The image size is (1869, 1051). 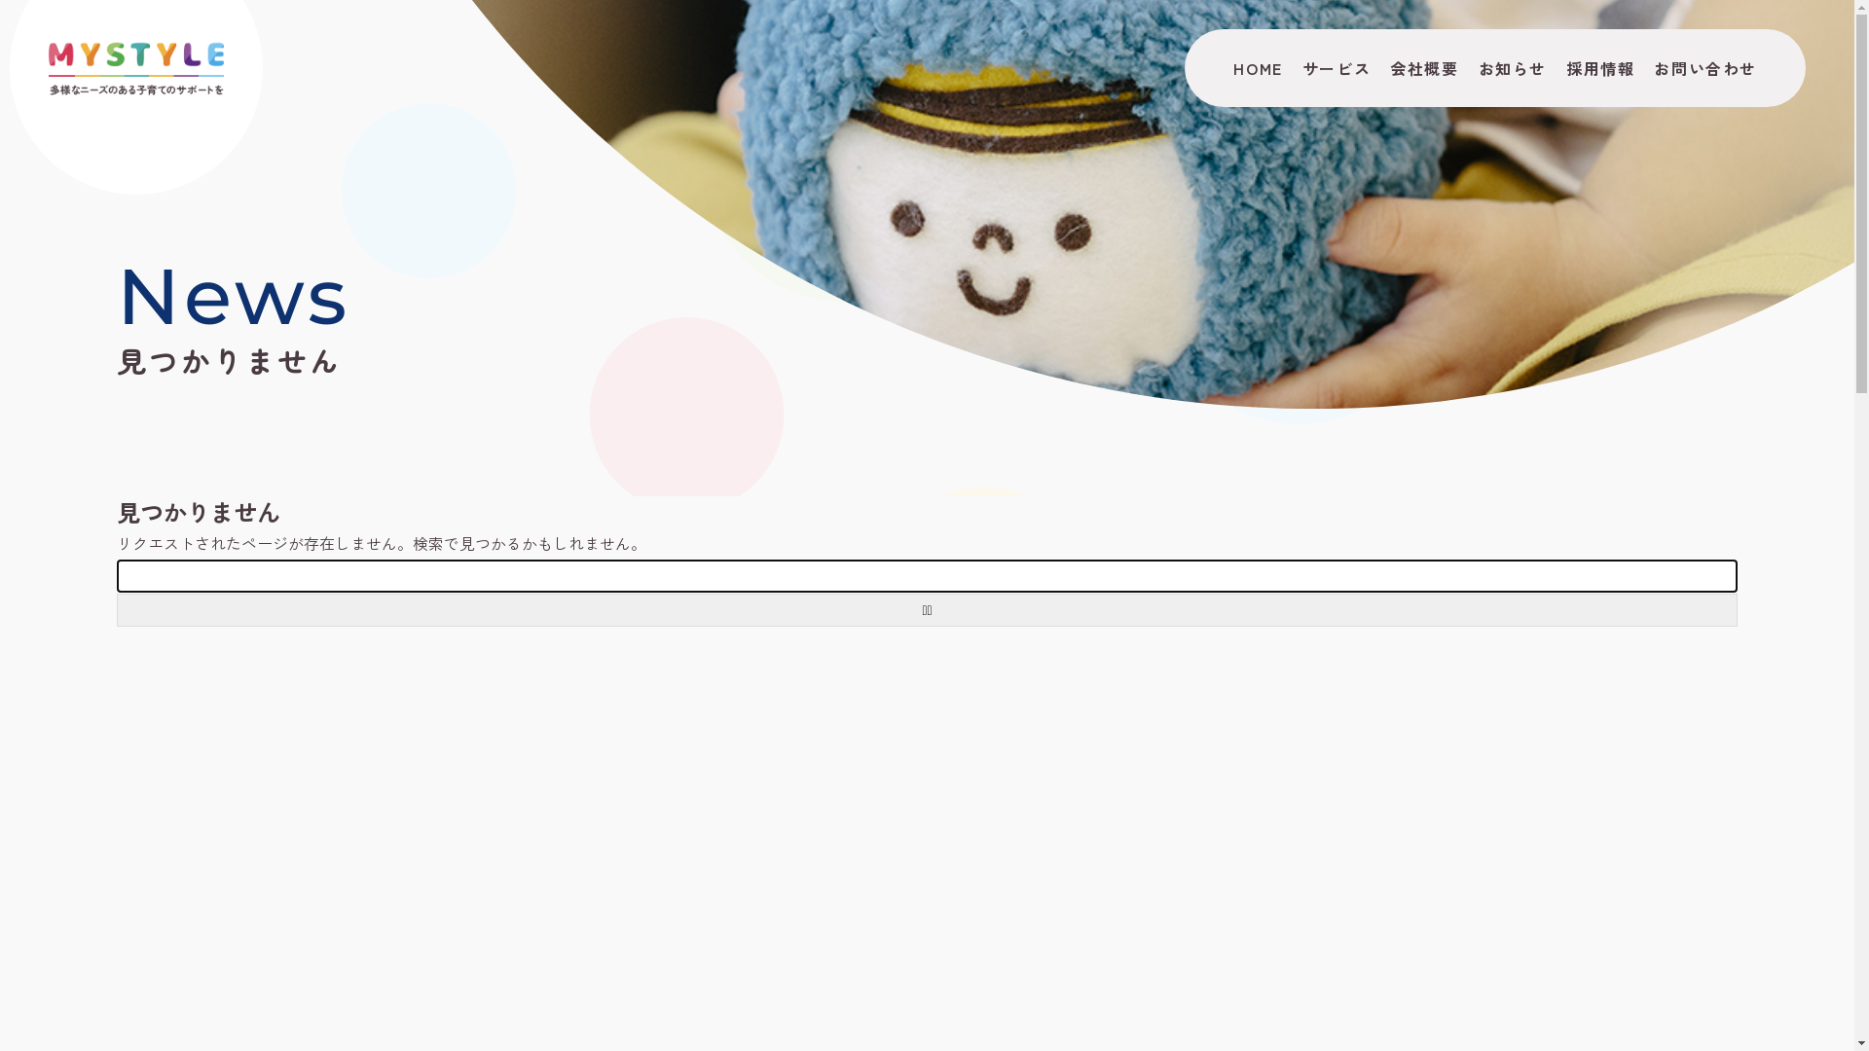 I want to click on 'HOME', so click(x=1257, y=66).